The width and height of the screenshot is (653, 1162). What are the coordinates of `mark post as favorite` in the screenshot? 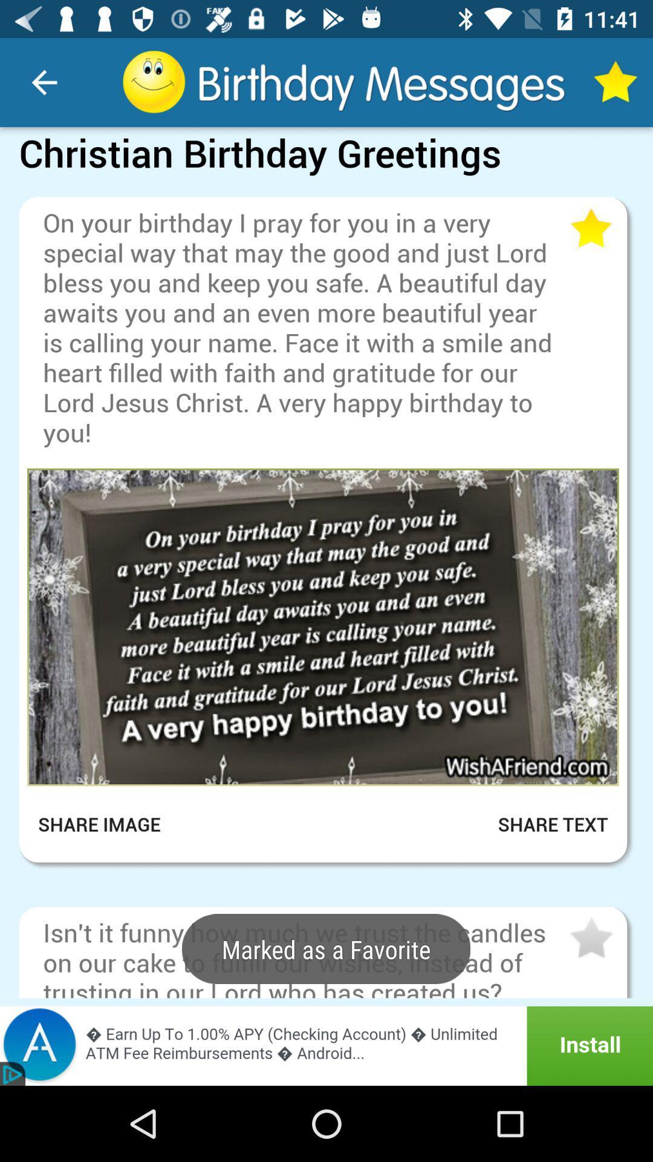 It's located at (590, 938).